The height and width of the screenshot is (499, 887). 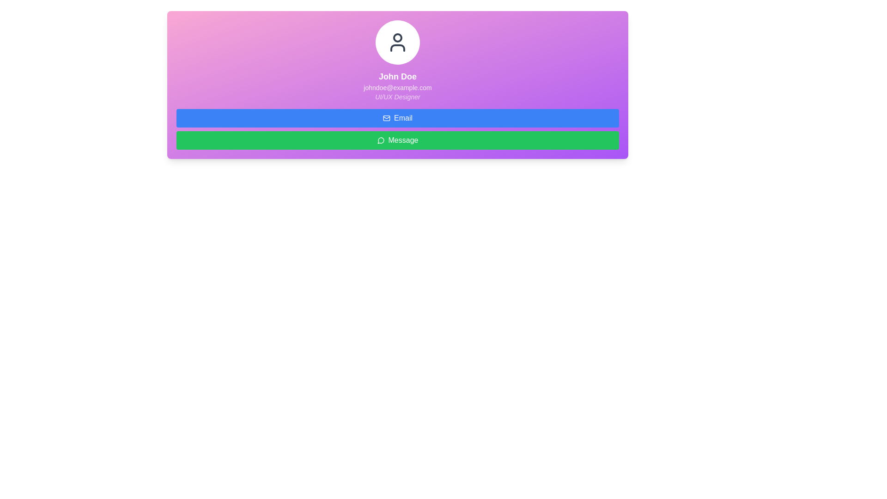 What do you see at coordinates (397, 76) in the screenshot?
I see `text displayed in the user profile's name label, which is located beneath the profile image and above the email address in the top portion of the card layout` at bounding box center [397, 76].